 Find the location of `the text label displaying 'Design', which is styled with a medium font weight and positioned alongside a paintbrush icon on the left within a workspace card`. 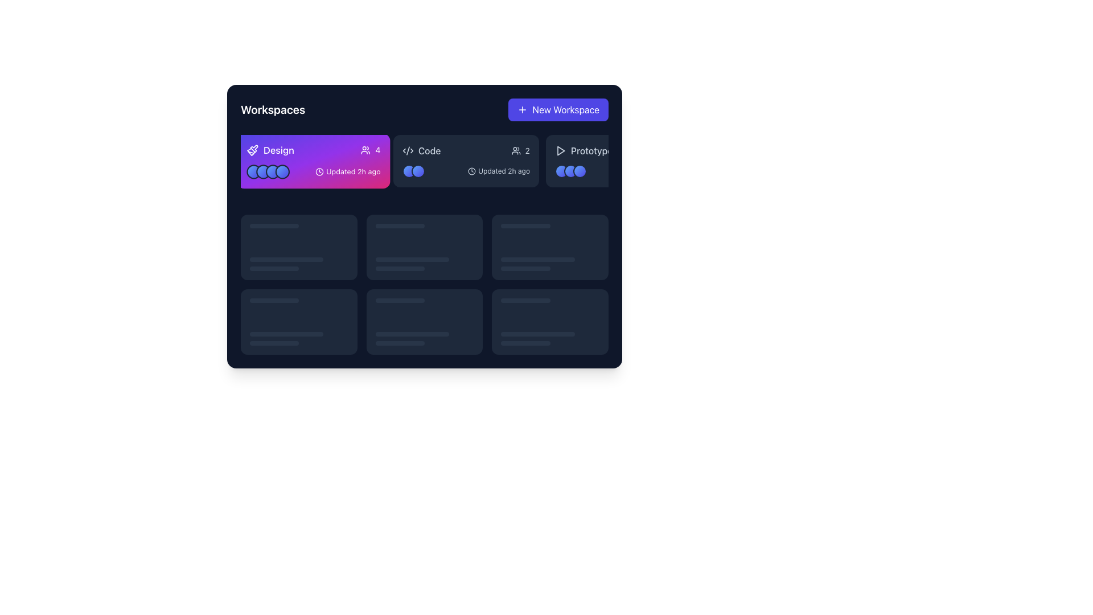

the text label displaying 'Design', which is styled with a medium font weight and positioned alongside a paintbrush icon on the left within a workspace card is located at coordinates (270, 150).